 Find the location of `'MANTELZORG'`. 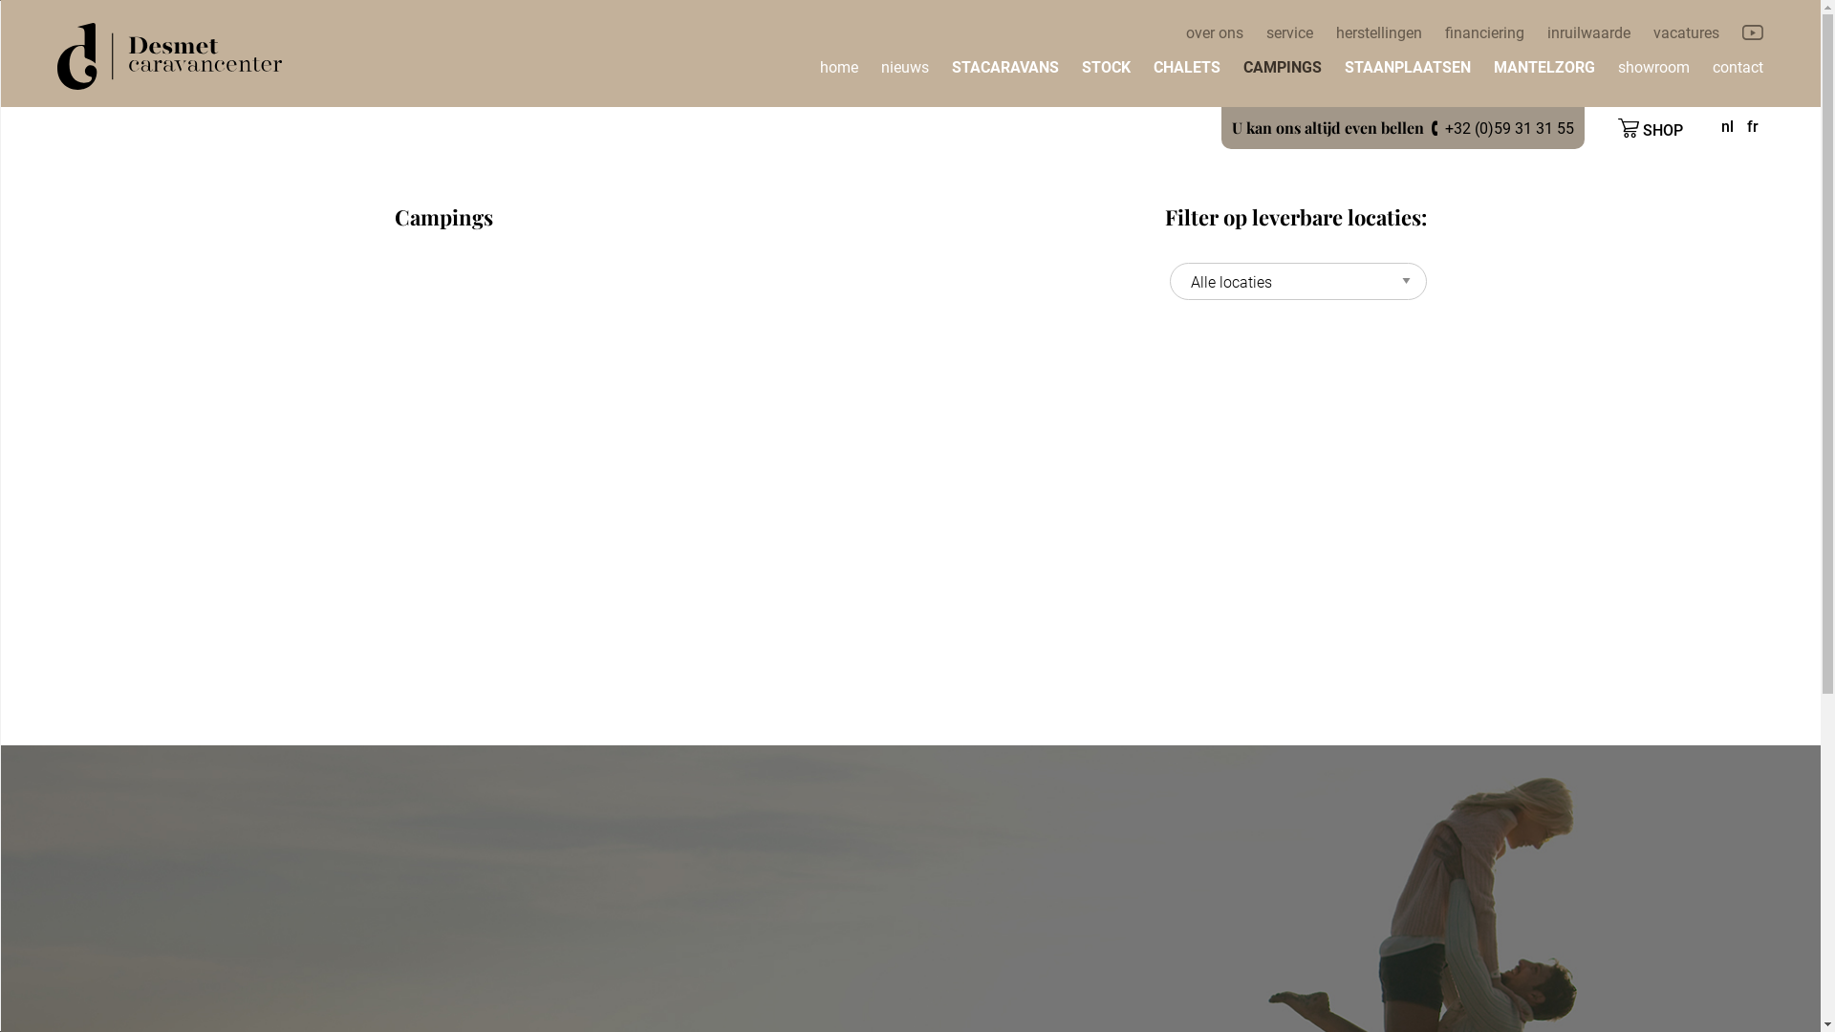

'MANTELZORG' is located at coordinates (1544, 66).